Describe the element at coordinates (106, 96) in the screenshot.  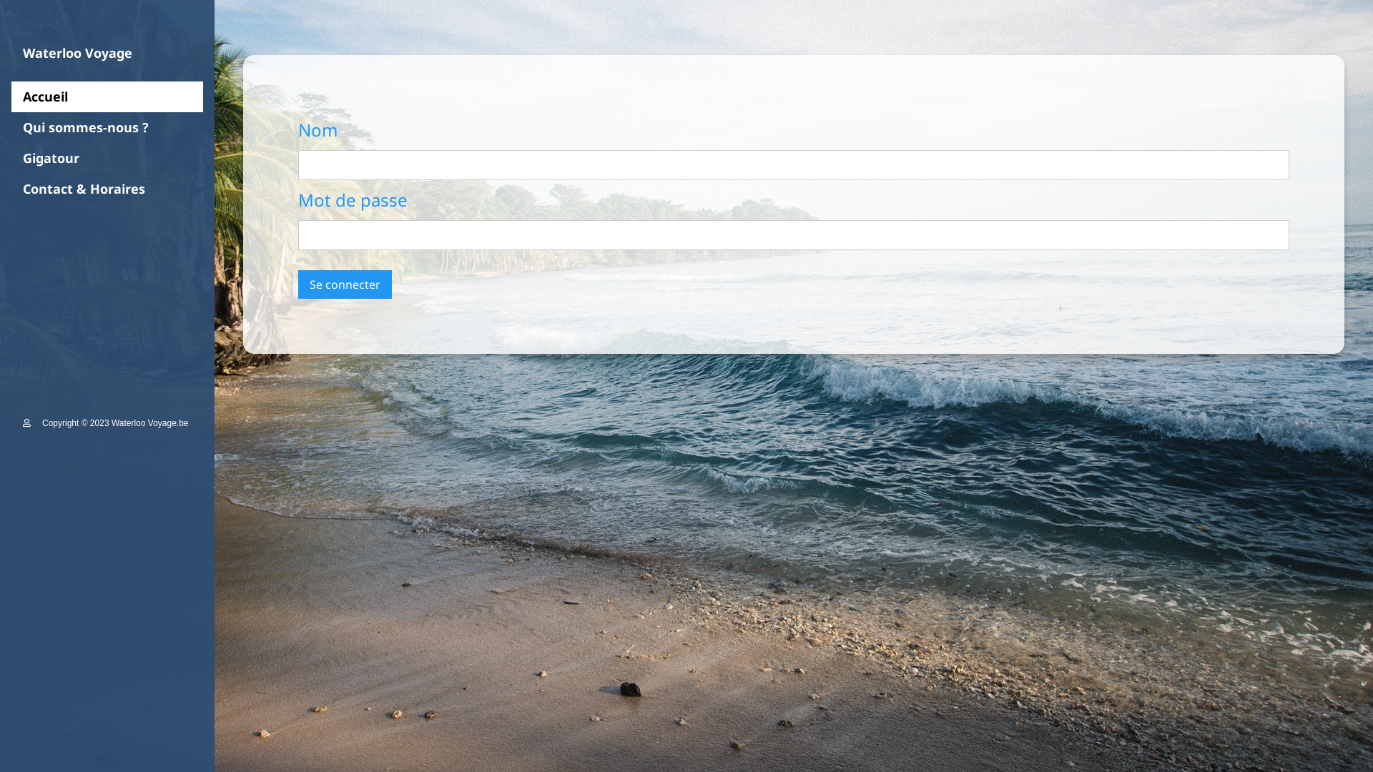
I see `'Accueil'` at that location.